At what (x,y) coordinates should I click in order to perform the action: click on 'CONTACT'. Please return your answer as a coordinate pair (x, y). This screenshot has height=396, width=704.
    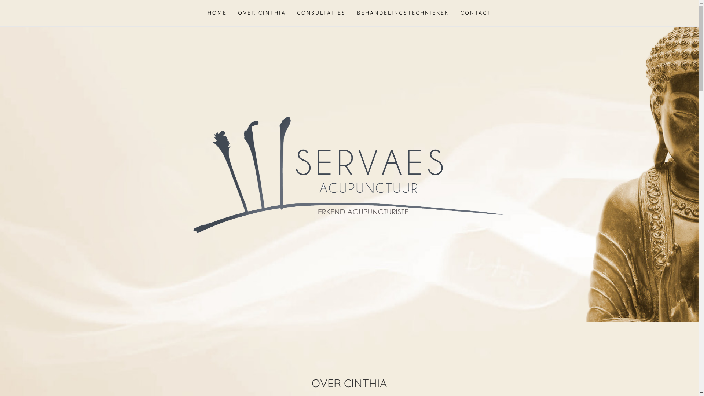
    Looking at the image, I should click on (454, 13).